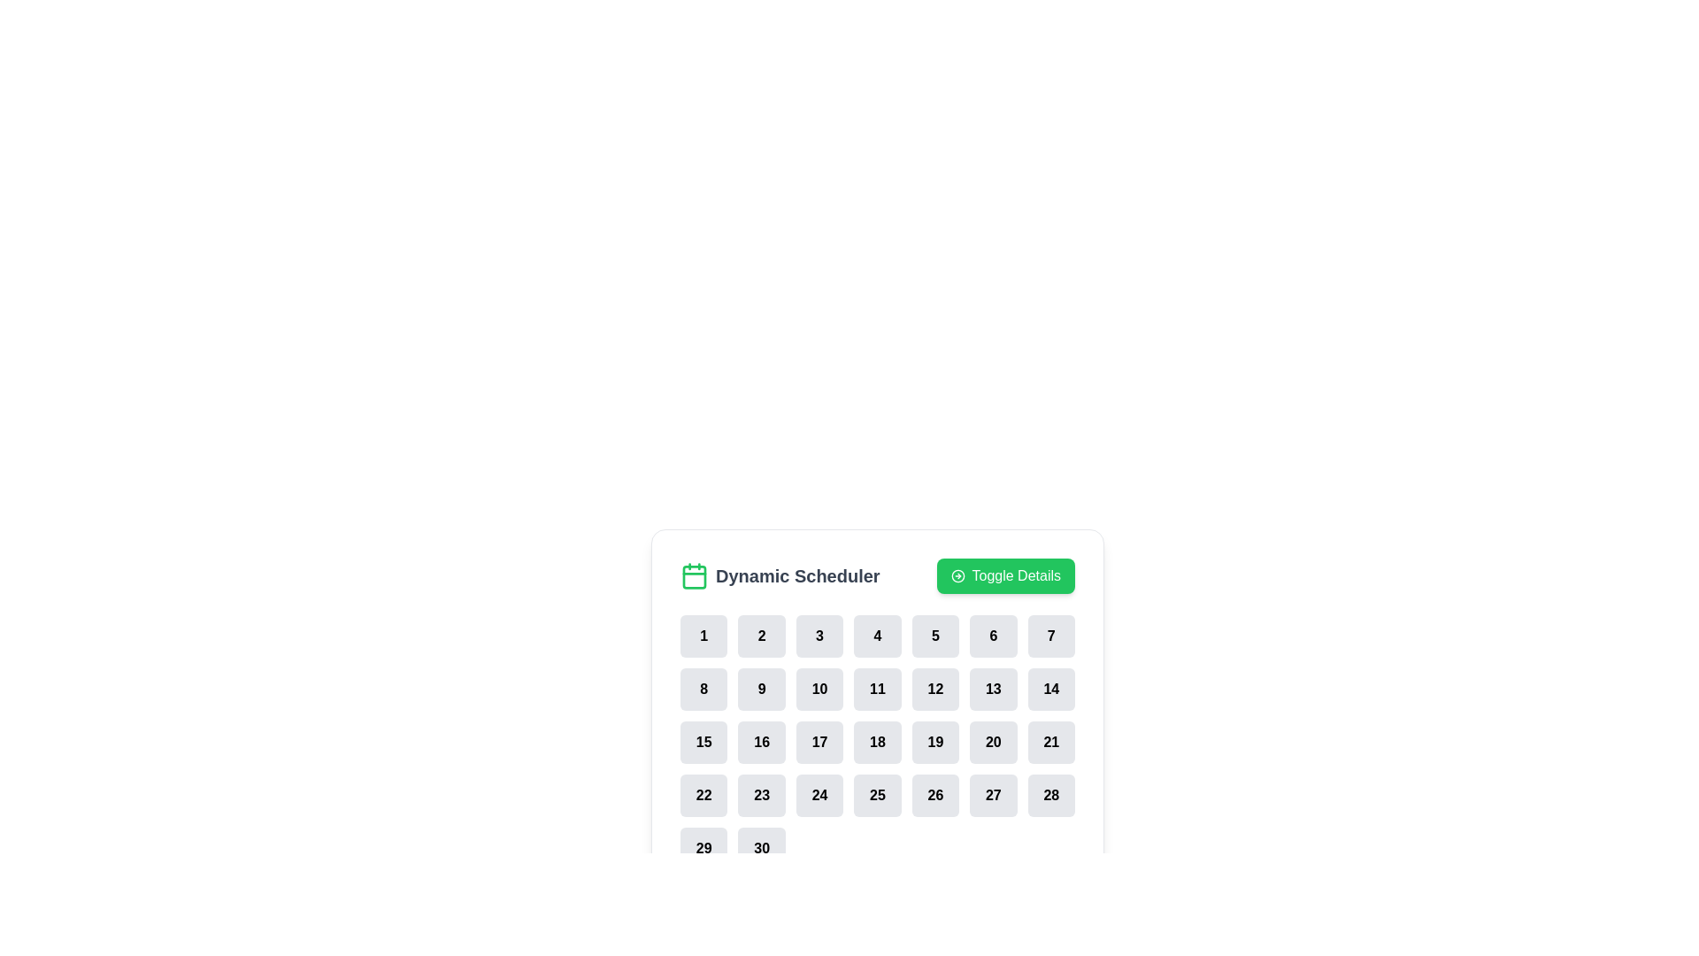 The width and height of the screenshot is (1699, 956). I want to click on the rectangular button with rounded corners that displays the number '4' in bold black text, indicating a day or count, so click(878, 635).